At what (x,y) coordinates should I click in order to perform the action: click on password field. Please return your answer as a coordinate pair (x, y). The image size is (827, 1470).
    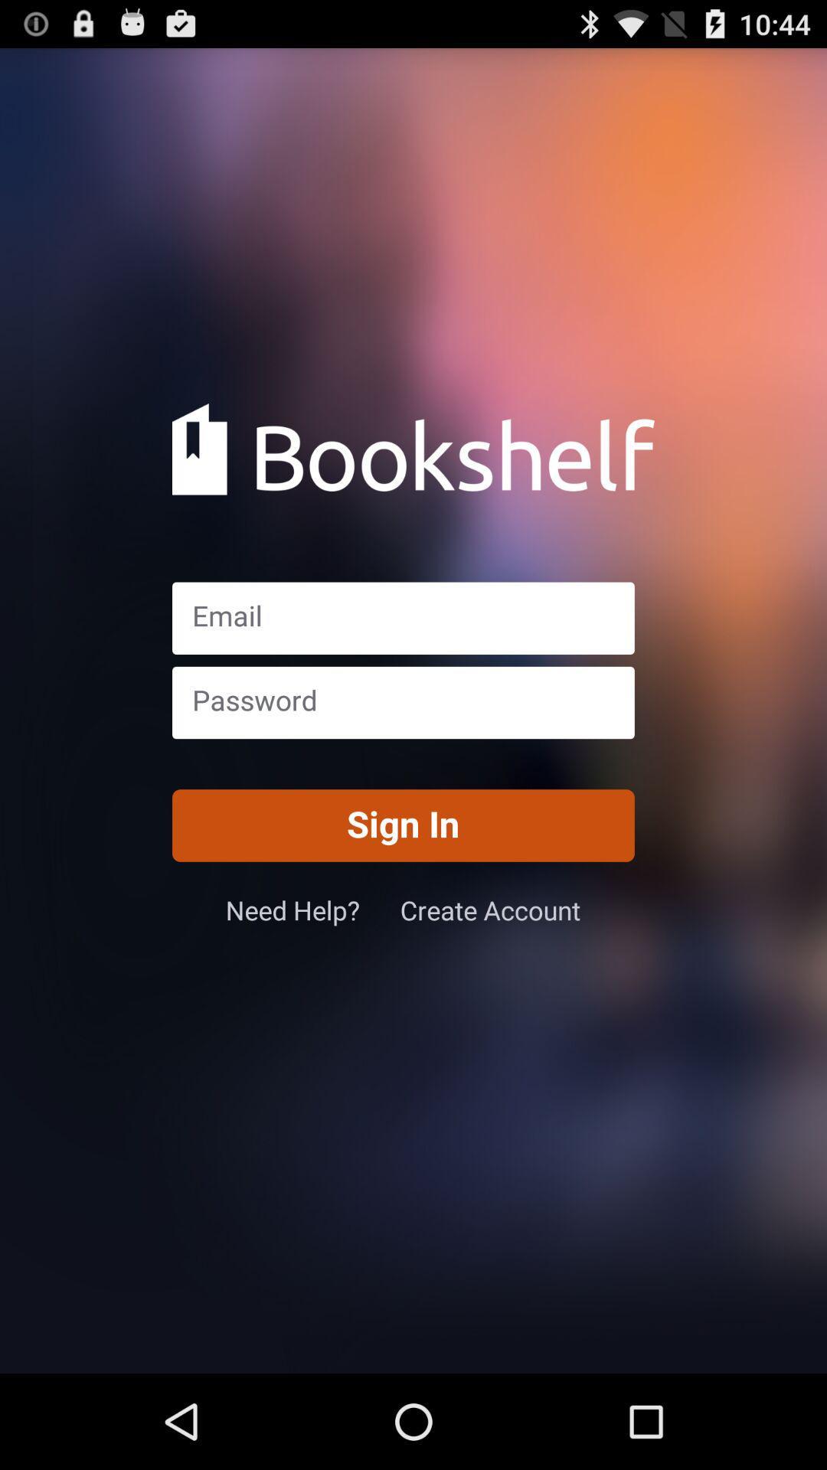
    Looking at the image, I should click on (402, 701).